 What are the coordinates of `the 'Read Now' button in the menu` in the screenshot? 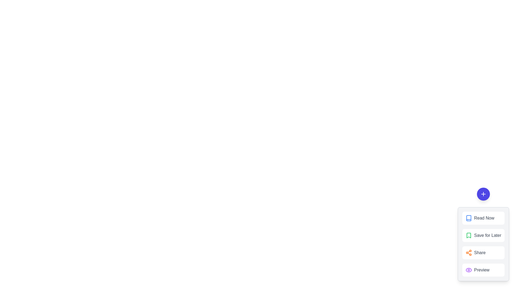 It's located at (483, 218).